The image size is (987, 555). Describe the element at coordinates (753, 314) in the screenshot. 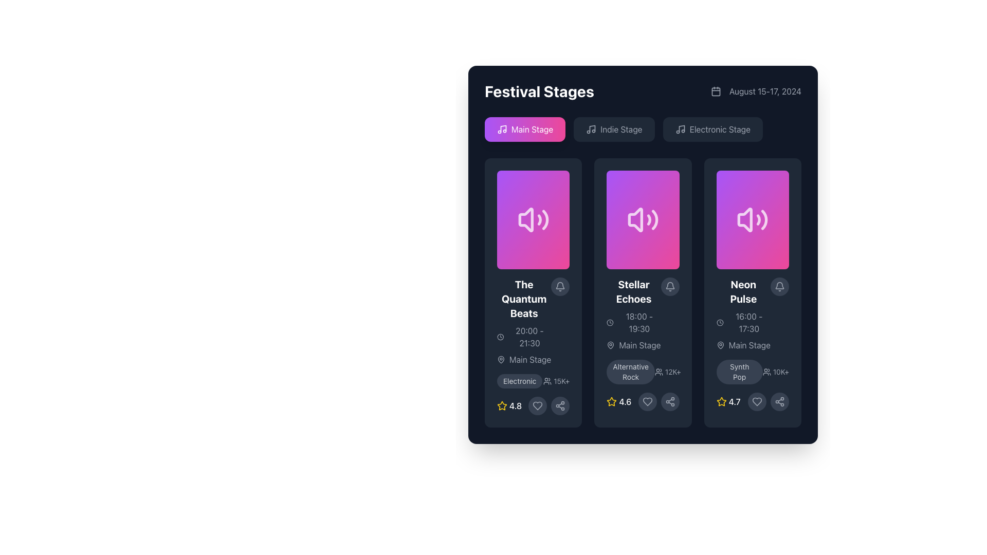

I see `the interactive elements adjacent to the informational header for the 'Neon Pulse' event, which is centrally located within the third card of the event cards` at that location.